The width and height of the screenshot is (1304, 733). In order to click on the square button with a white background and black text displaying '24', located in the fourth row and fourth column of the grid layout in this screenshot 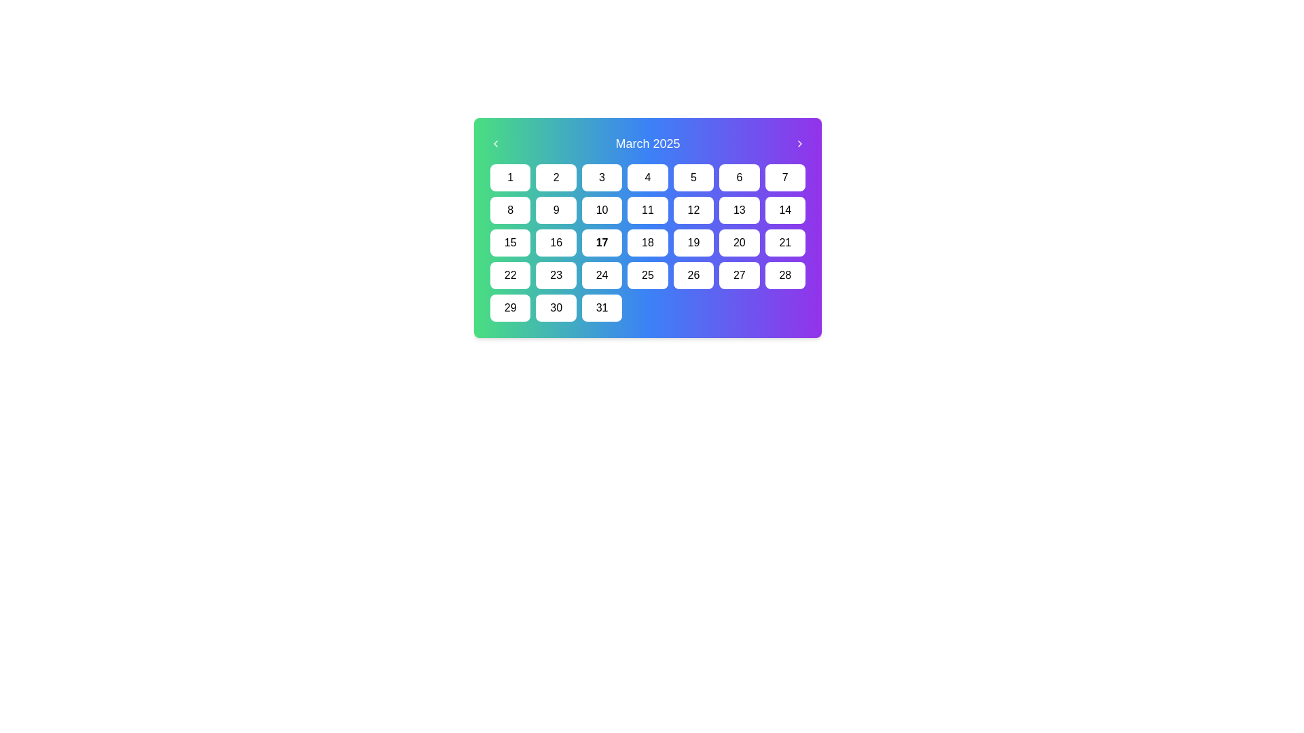, I will do `click(601, 275)`.